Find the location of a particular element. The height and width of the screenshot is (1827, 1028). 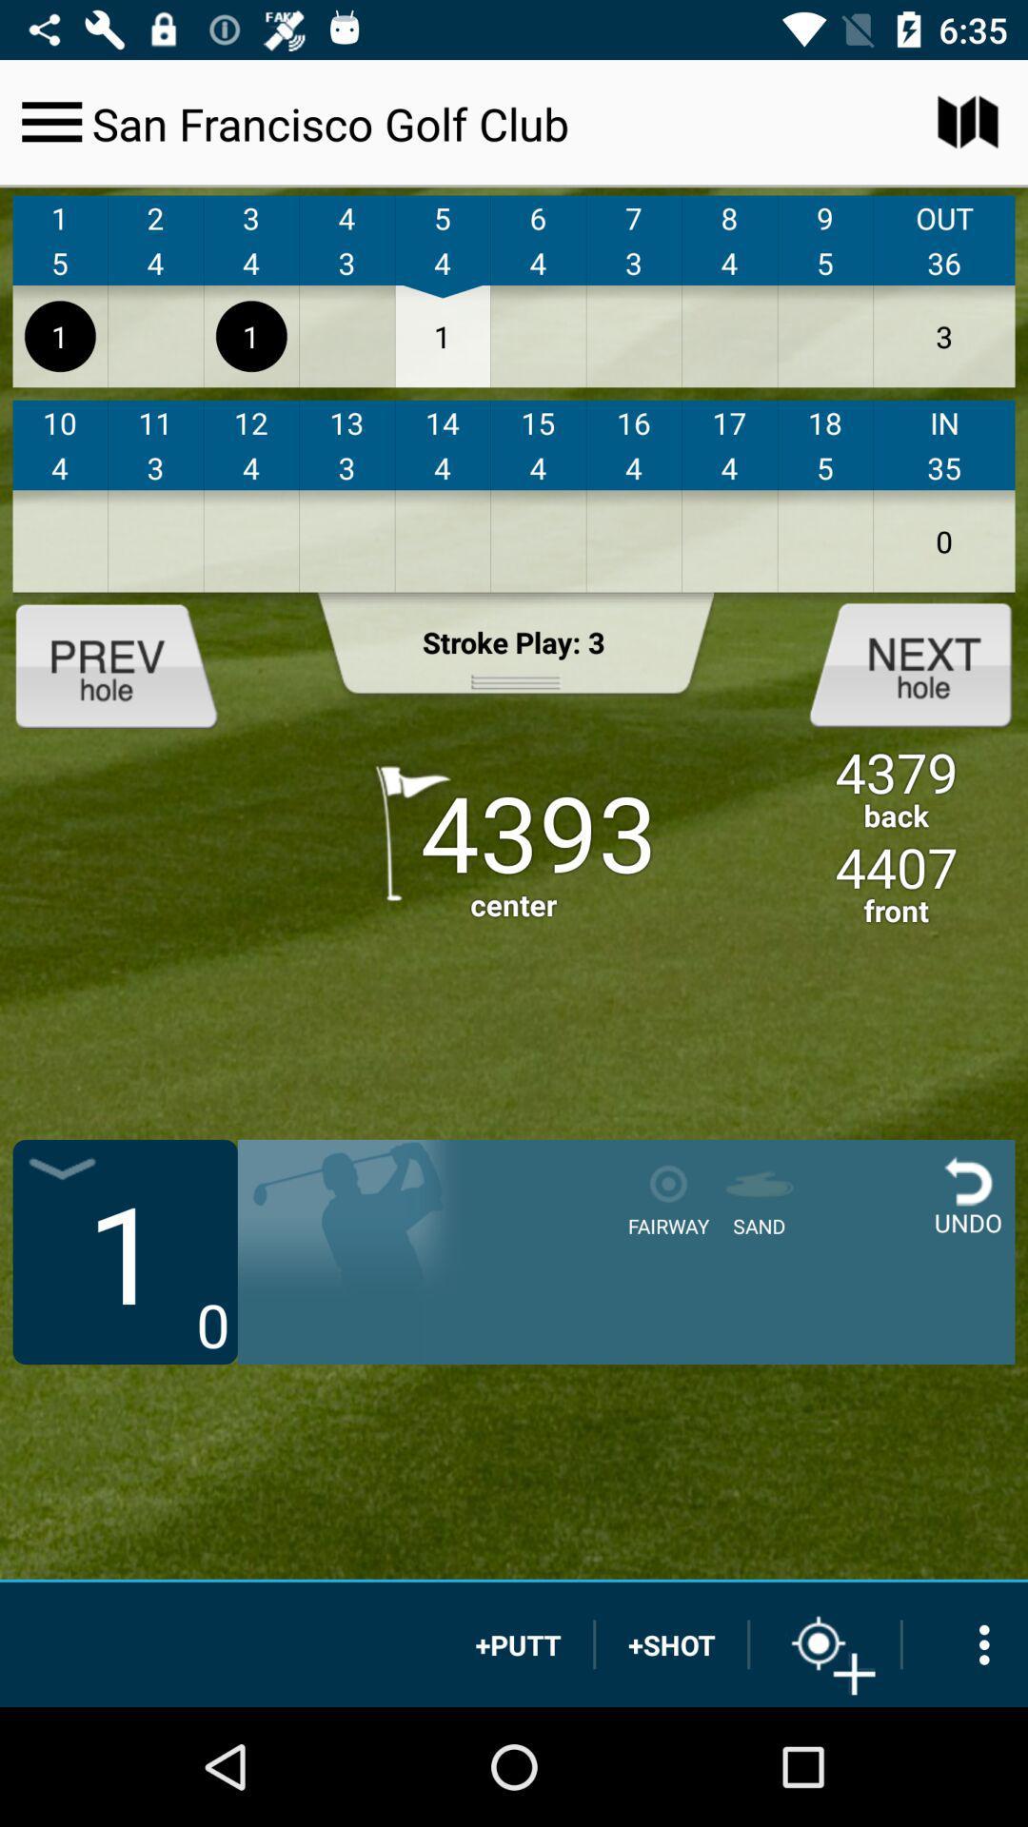

apps is located at coordinates (965, 1643).